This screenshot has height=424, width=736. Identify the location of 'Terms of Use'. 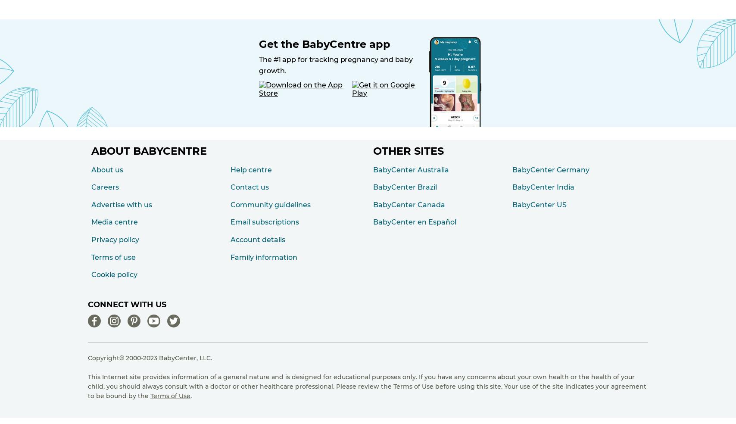
(150, 395).